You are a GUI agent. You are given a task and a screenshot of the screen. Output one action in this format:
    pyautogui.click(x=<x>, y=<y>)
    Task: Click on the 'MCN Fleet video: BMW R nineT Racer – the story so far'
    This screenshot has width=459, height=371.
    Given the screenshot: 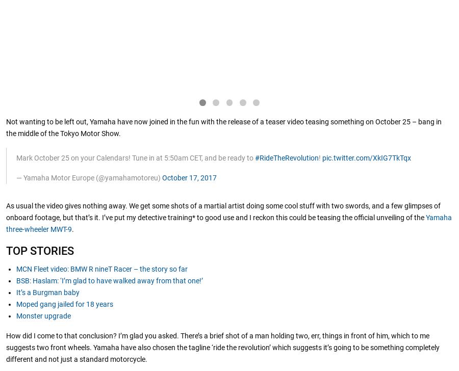 What is the action you would take?
    pyautogui.click(x=101, y=269)
    